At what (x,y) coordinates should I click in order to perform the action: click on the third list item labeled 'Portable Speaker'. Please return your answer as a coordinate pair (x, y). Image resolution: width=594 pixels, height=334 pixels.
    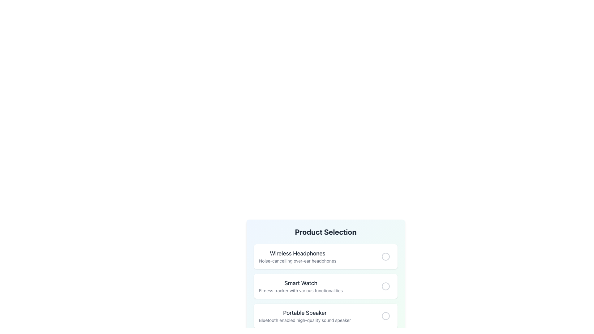
    Looking at the image, I should click on (325, 316).